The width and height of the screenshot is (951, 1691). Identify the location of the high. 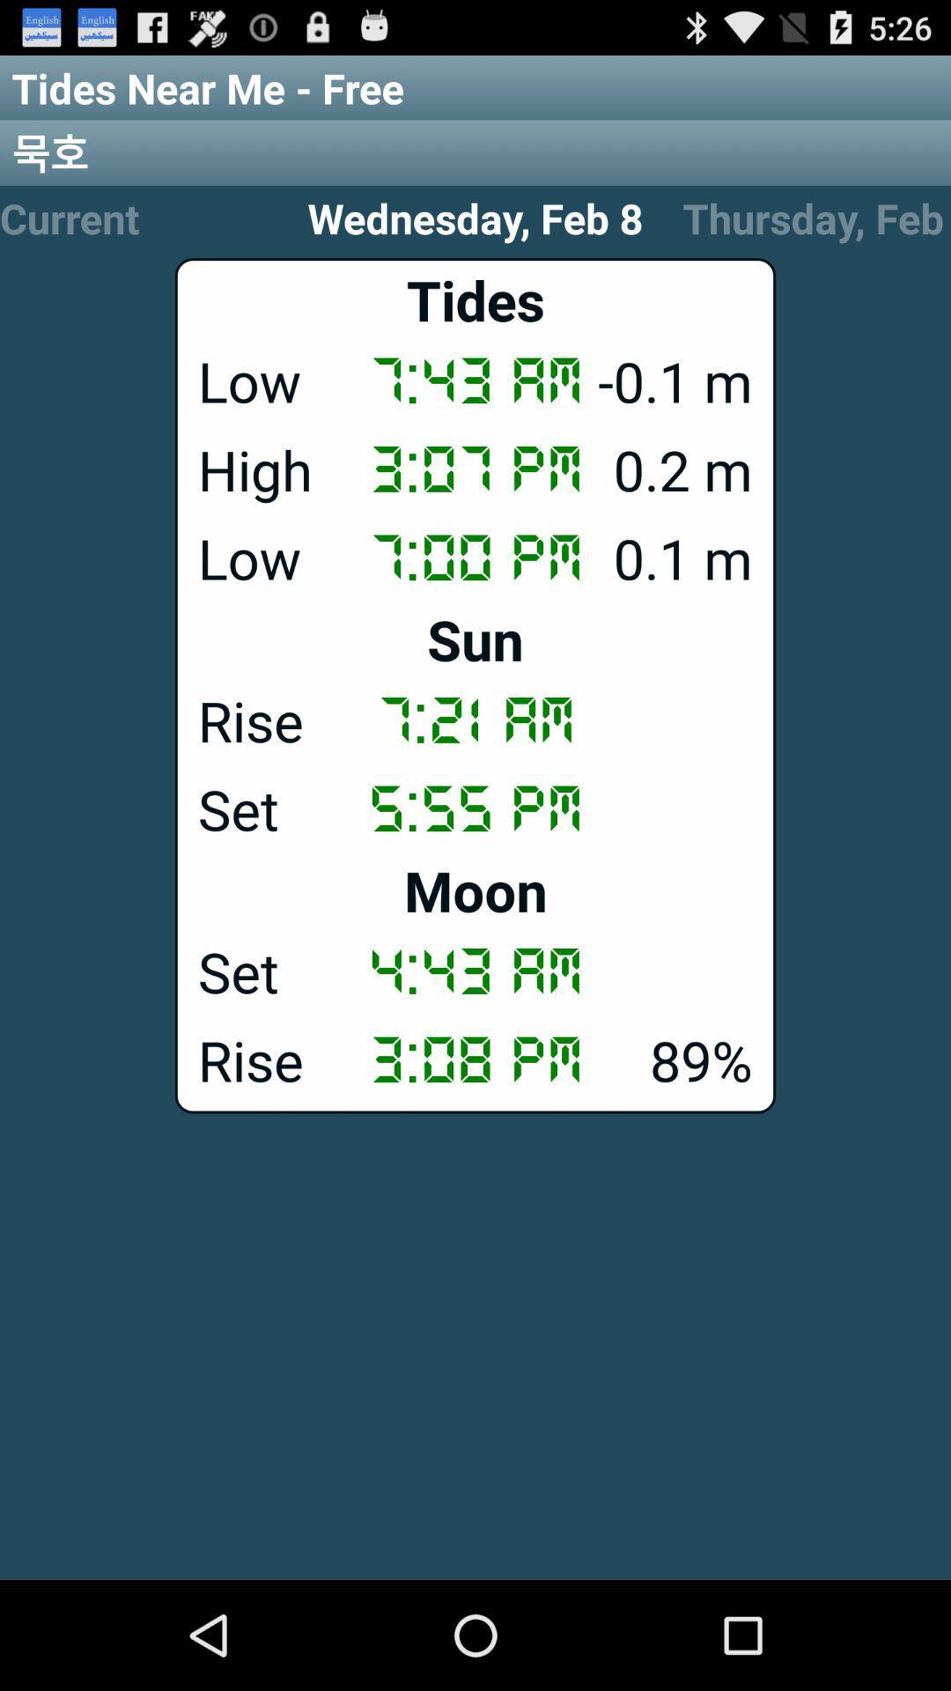
(475, 469).